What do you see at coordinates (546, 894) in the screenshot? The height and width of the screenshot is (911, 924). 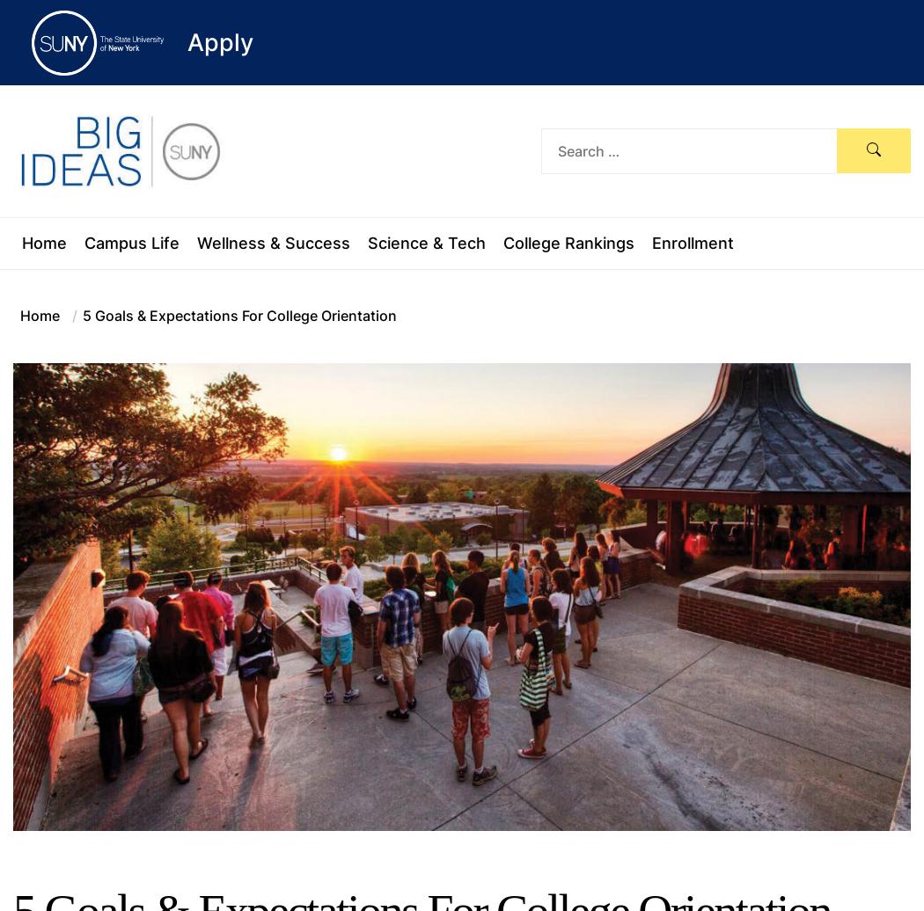 I see `'January 23, 2023'` at bounding box center [546, 894].